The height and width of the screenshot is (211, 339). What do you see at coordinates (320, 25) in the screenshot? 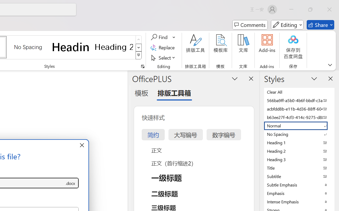
I see `'Share'` at bounding box center [320, 25].